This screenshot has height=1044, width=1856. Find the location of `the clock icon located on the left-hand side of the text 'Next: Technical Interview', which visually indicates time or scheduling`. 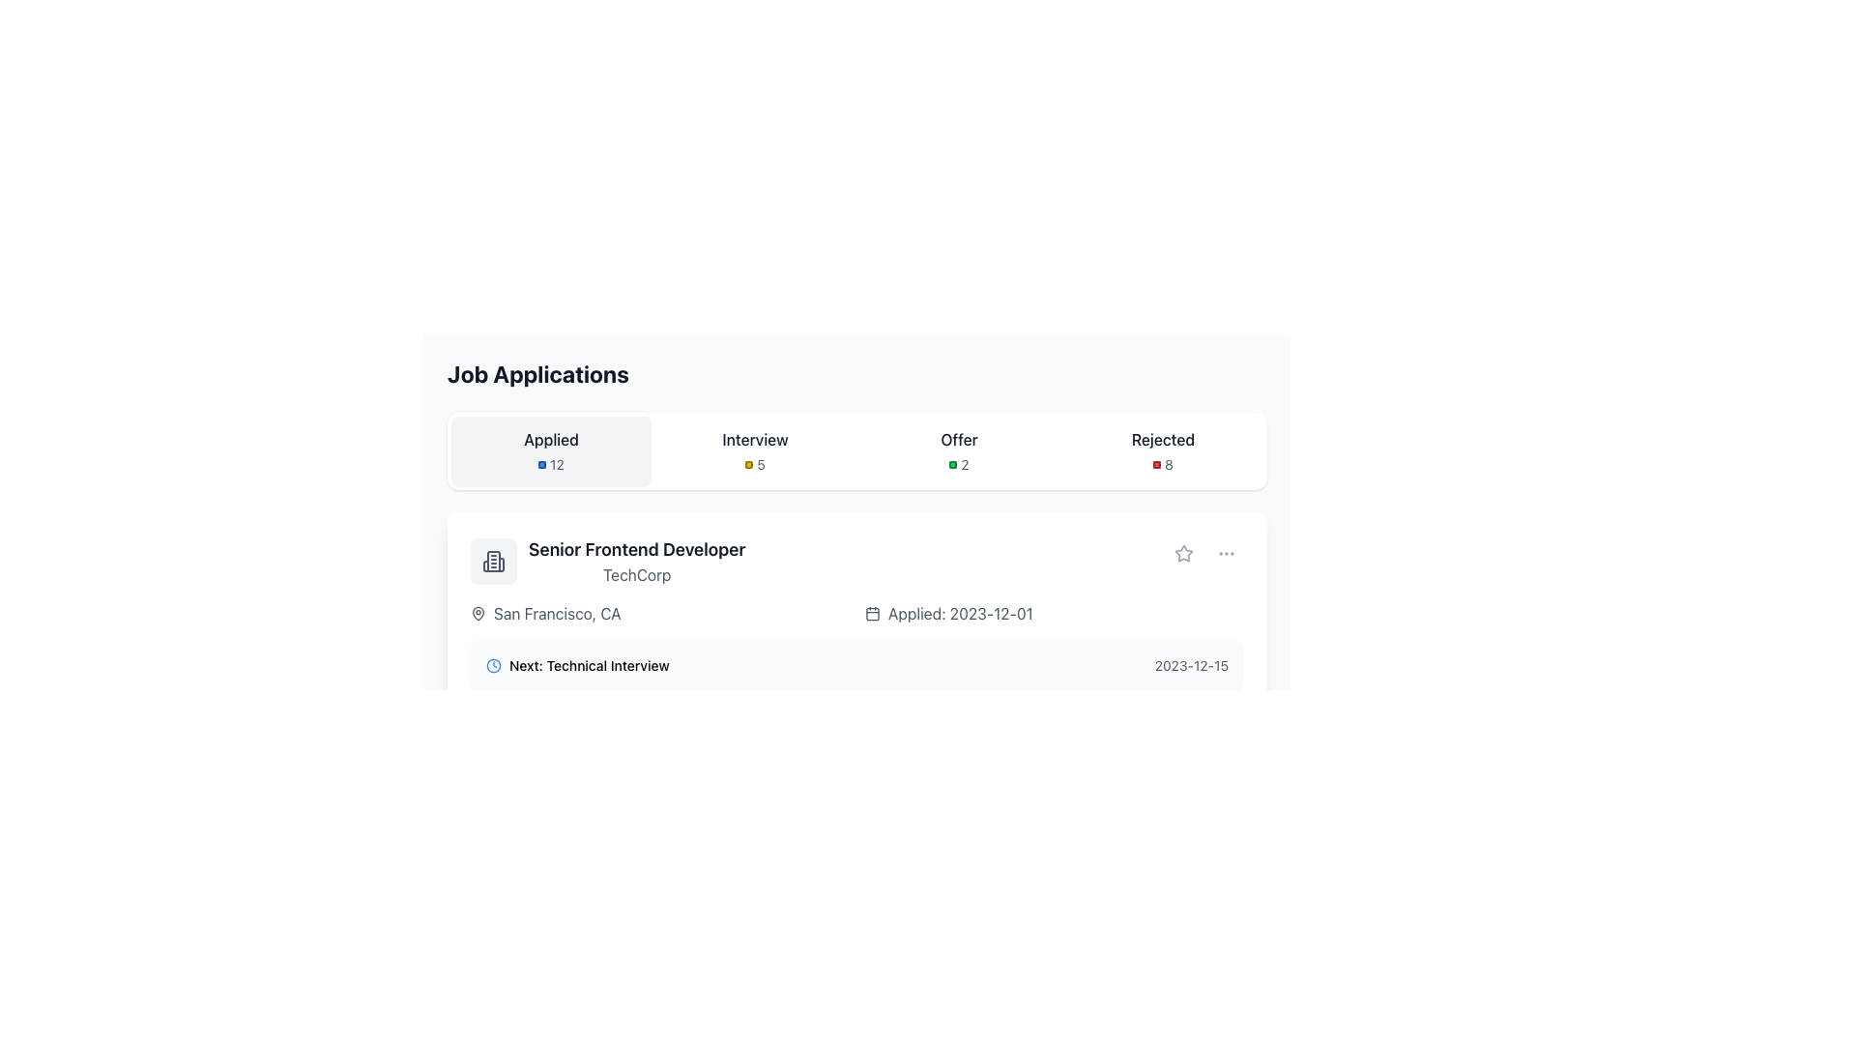

the clock icon located on the left-hand side of the text 'Next: Technical Interview', which visually indicates time or scheduling is located at coordinates (493, 665).